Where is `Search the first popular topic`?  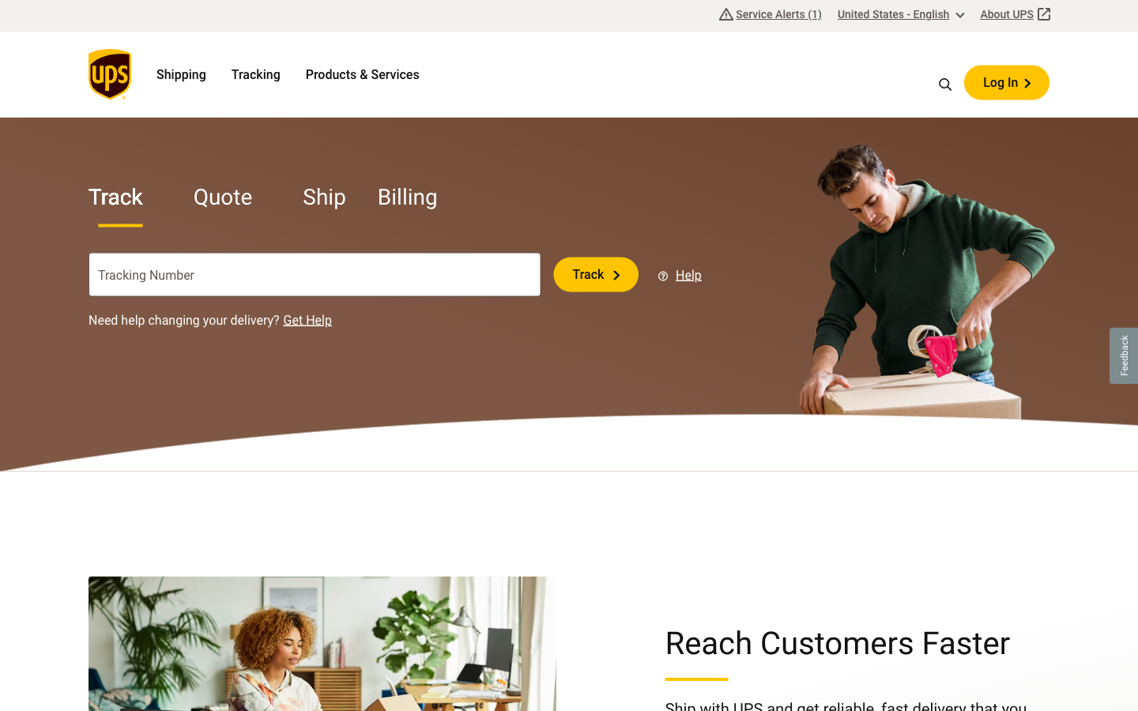 Search the first popular topic is located at coordinates (946, 81).